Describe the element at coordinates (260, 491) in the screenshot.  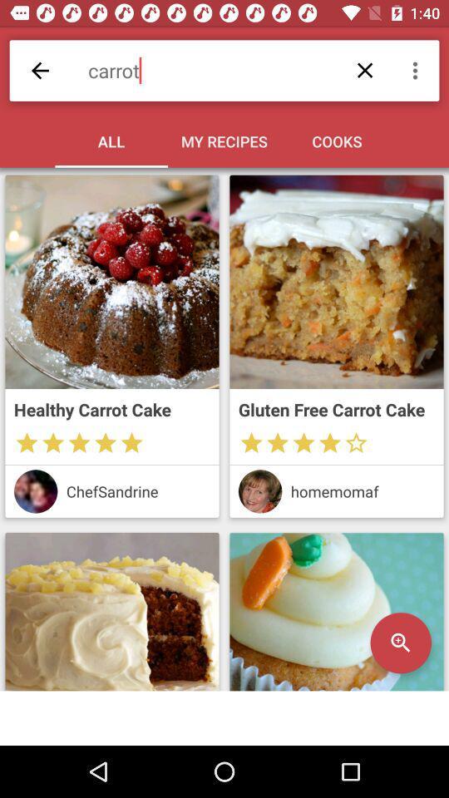
I see `see creator page` at that location.